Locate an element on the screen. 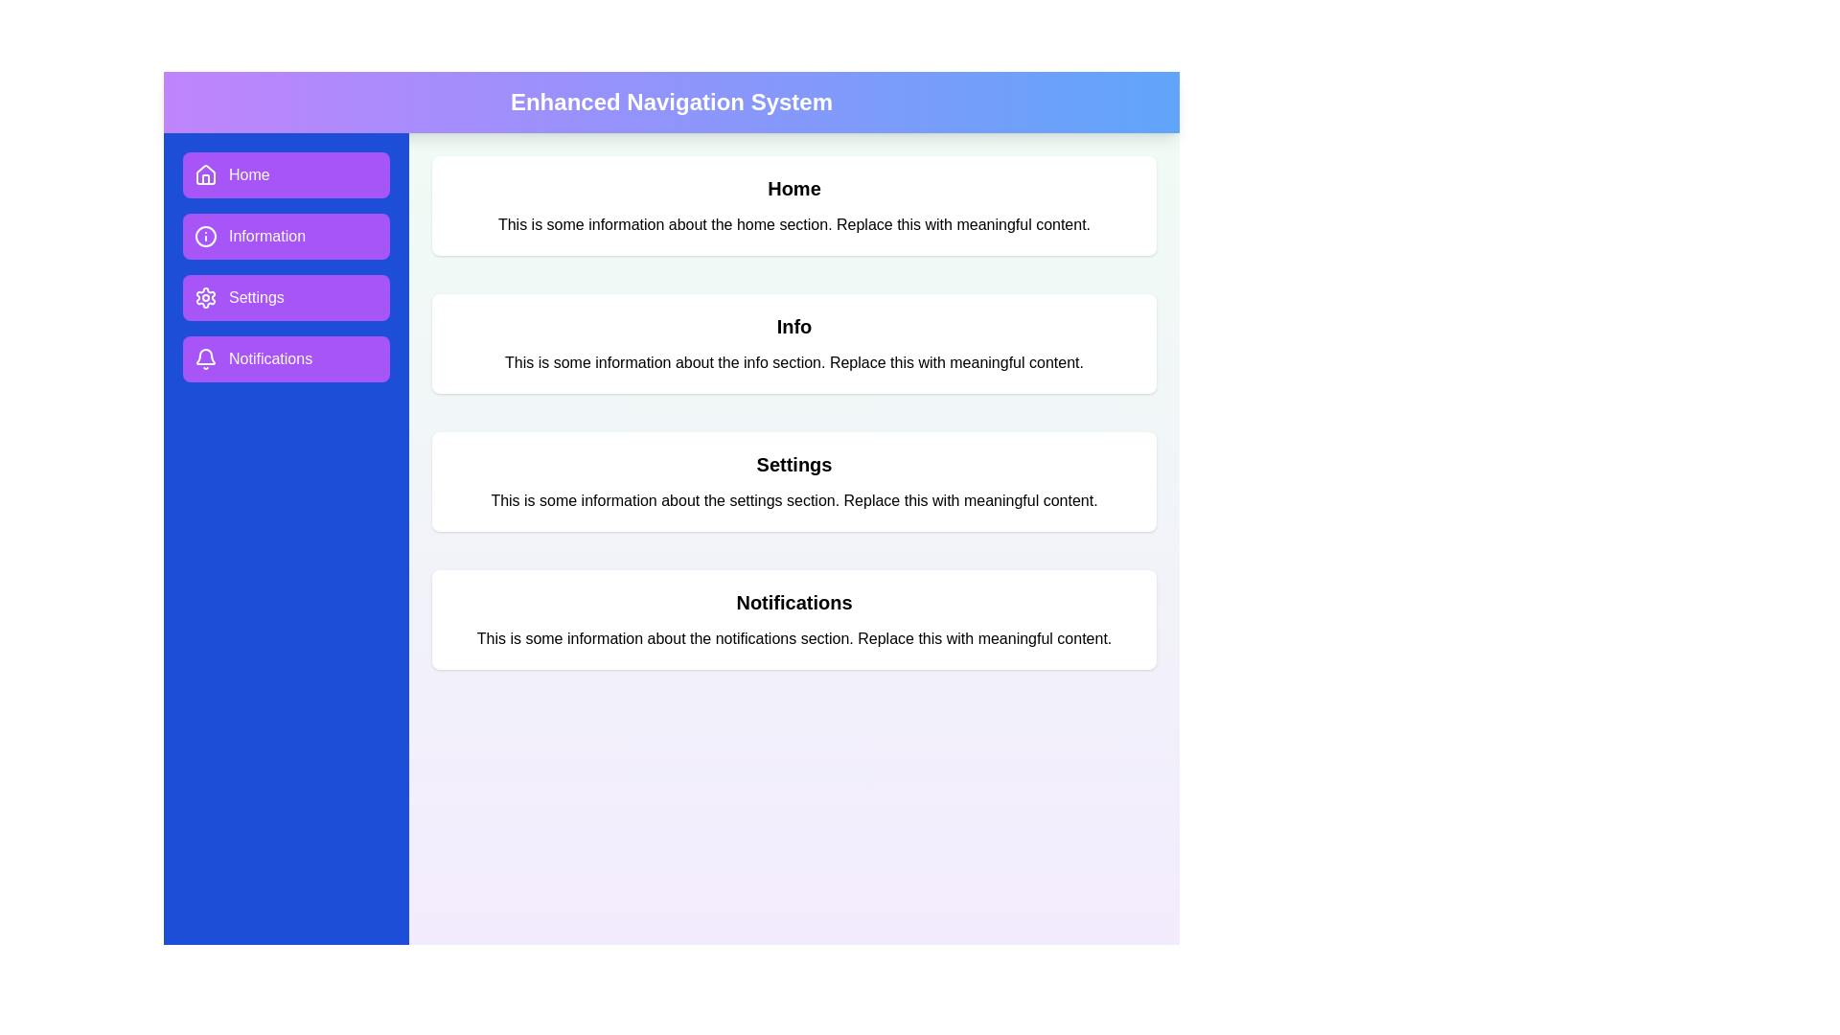  the text block that provides descriptive information about the 'Info' section, located in the central content panel under the 'Info' header is located at coordinates (794, 362).